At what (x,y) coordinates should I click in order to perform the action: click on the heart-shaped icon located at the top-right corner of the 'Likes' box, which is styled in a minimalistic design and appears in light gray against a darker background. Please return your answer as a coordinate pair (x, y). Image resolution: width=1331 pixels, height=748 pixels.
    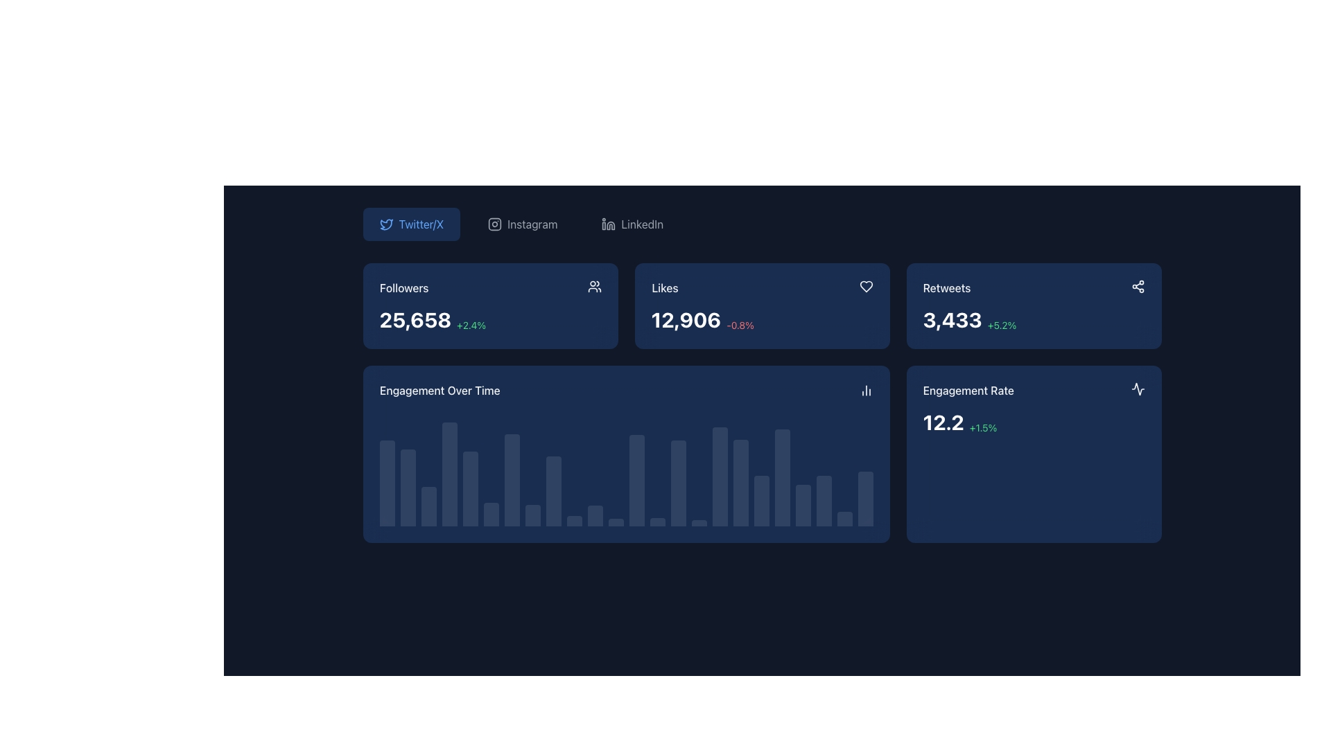
    Looking at the image, I should click on (865, 285).